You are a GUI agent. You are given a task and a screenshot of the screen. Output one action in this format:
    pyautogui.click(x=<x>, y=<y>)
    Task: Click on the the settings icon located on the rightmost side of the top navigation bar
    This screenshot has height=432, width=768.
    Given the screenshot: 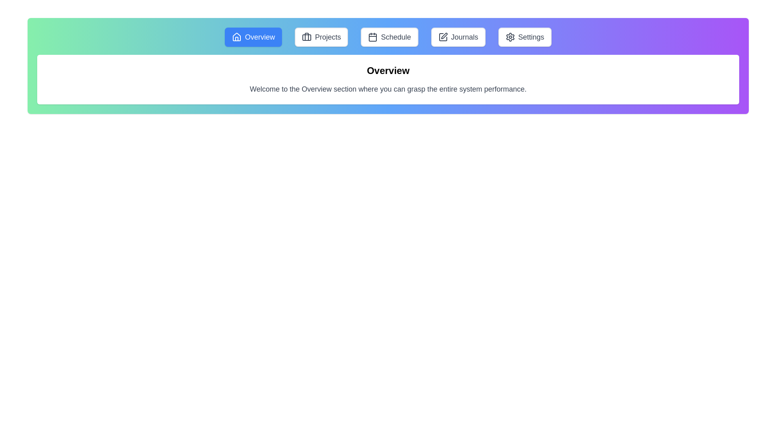 What is the action you would take?
    pyautogui.click(x=510, y=37)
    